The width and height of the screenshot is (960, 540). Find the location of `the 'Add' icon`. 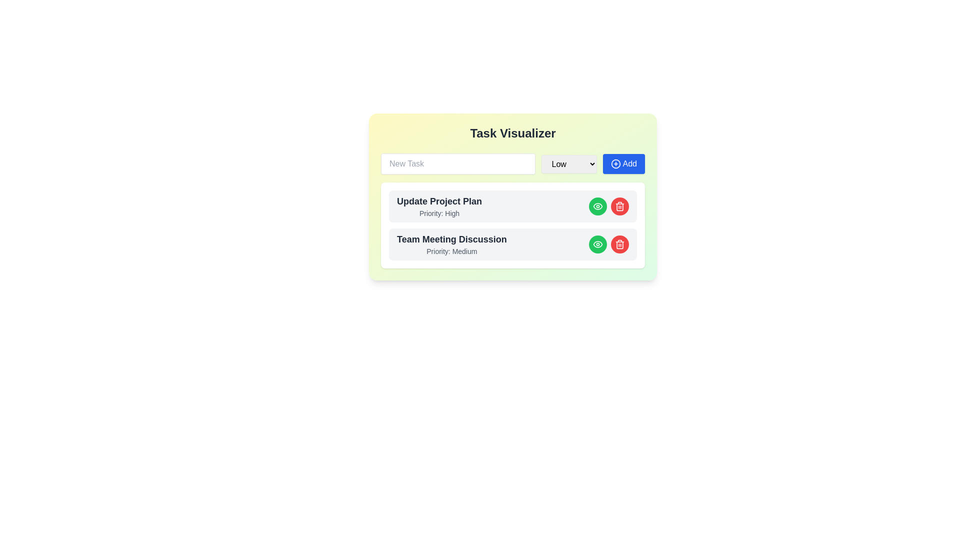

the 'Add' icon is located at coordinates (614, 163).